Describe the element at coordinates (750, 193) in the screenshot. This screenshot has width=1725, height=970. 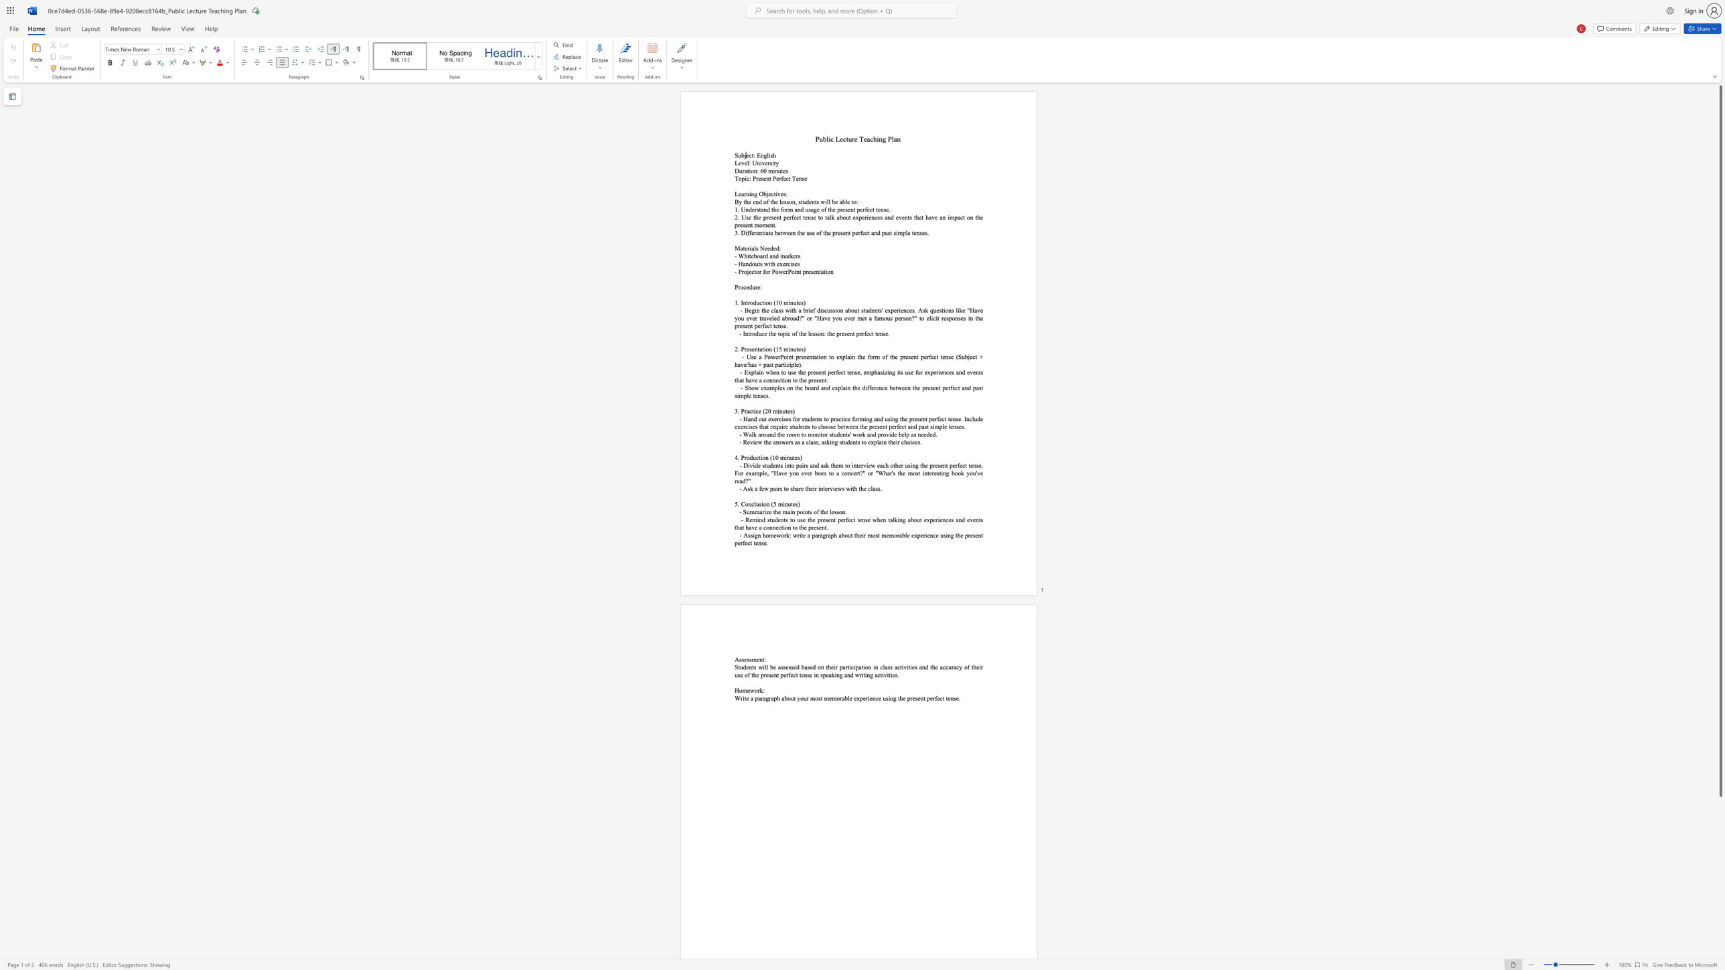
I see `the 1th character "i" in the text` at that location.